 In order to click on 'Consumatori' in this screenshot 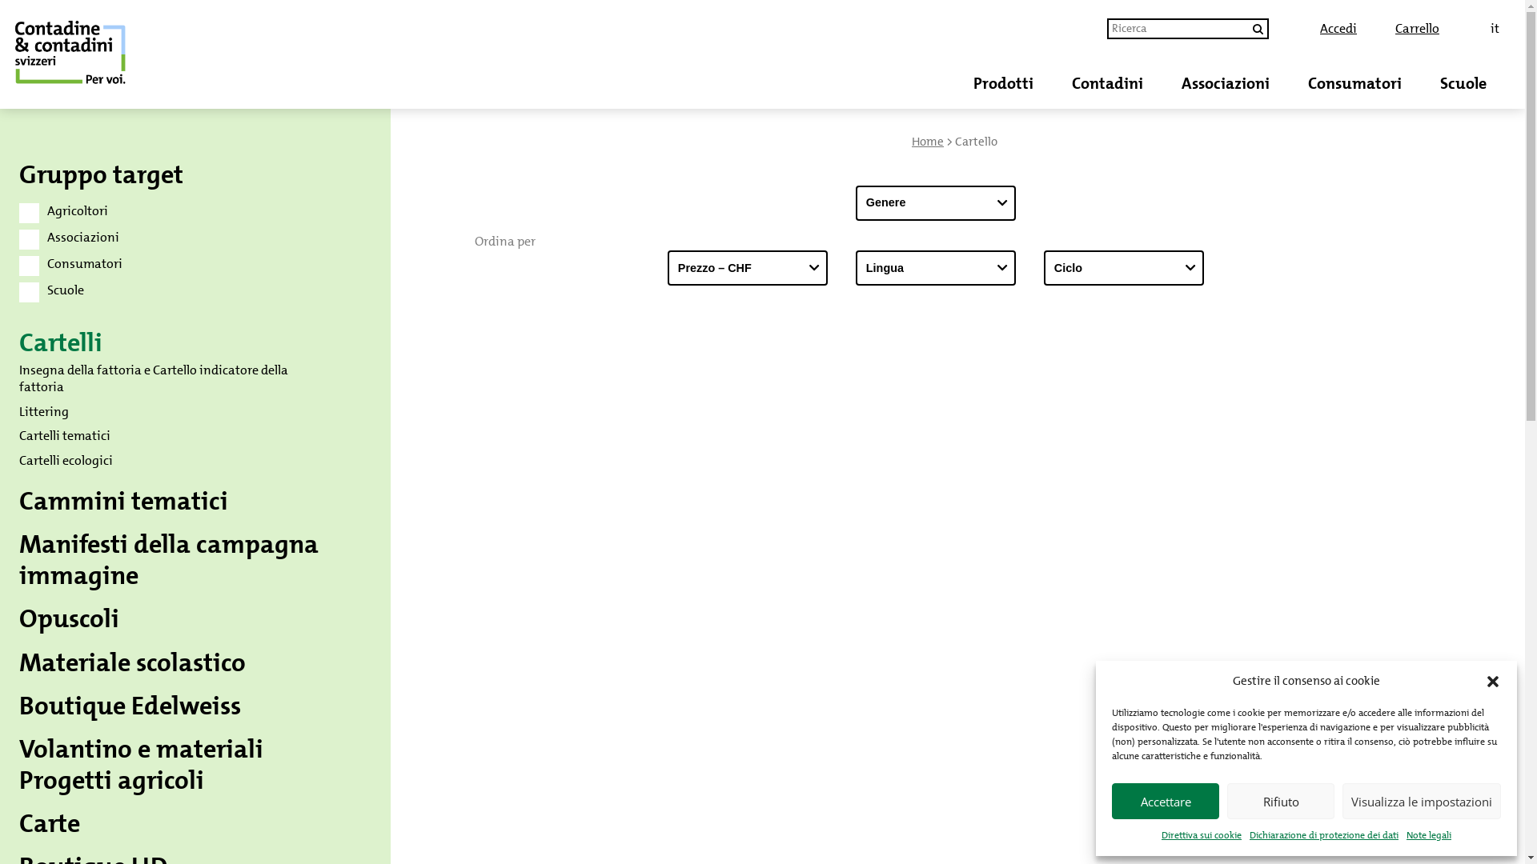, I will do `click(1354, 83)`.